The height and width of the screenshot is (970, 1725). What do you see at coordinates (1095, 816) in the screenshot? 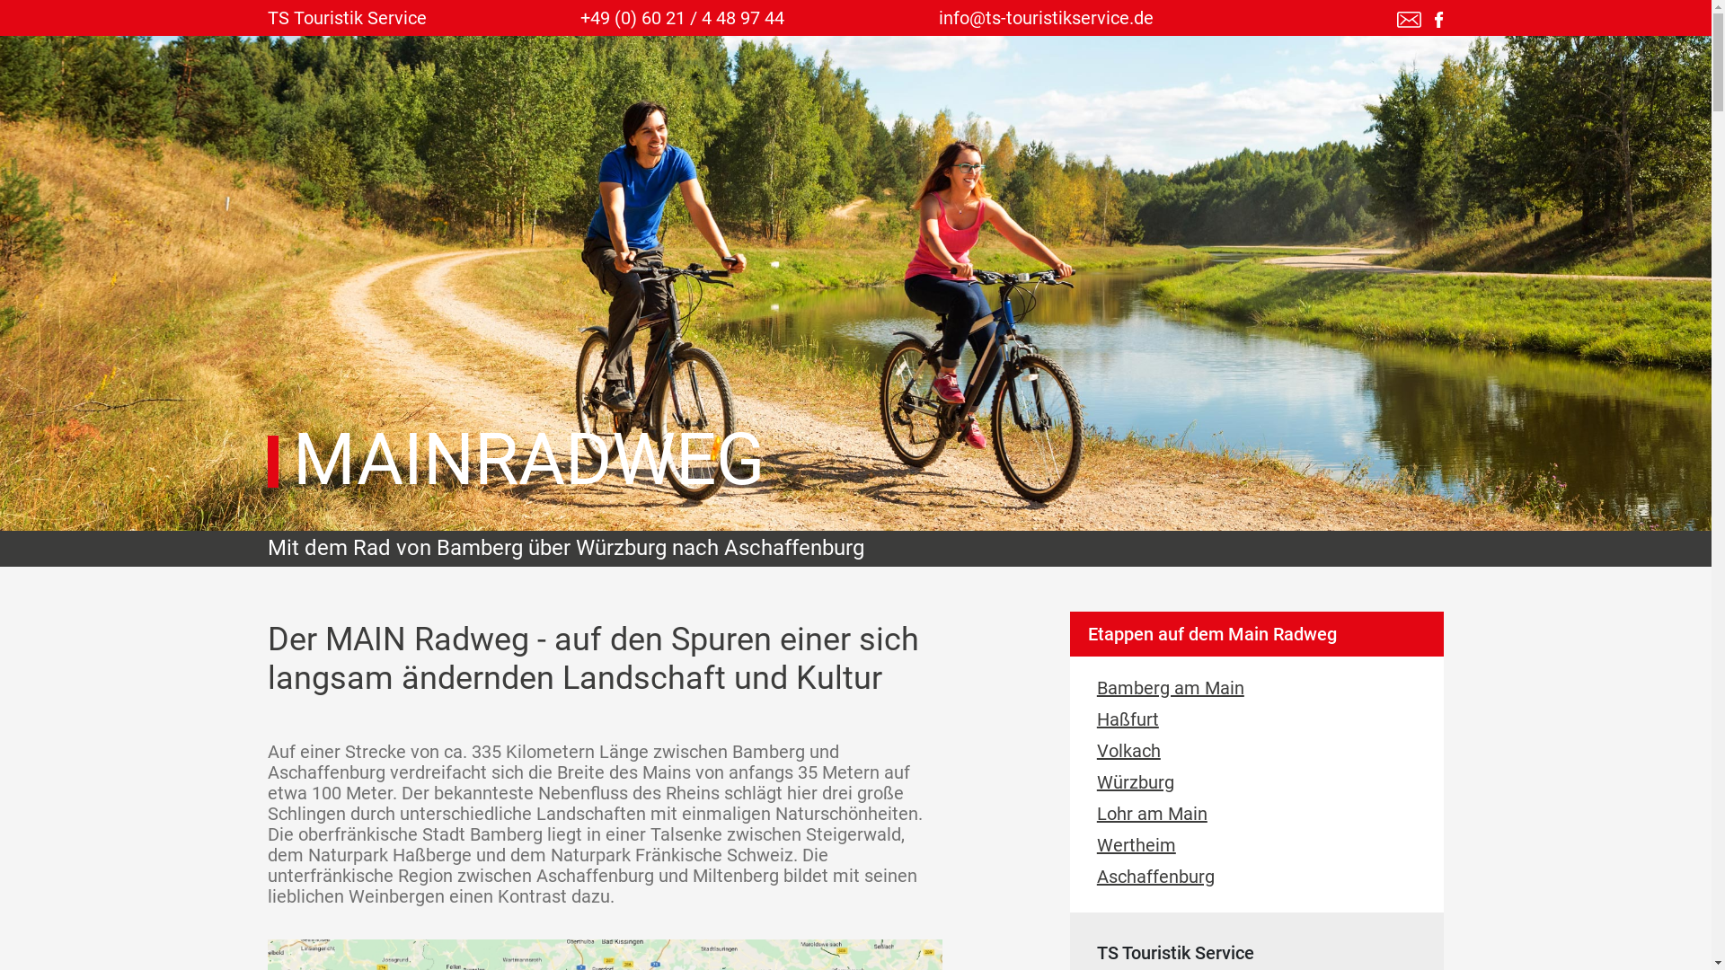
I see `'Lohr am Main'` at bounding box center [1095, 816].